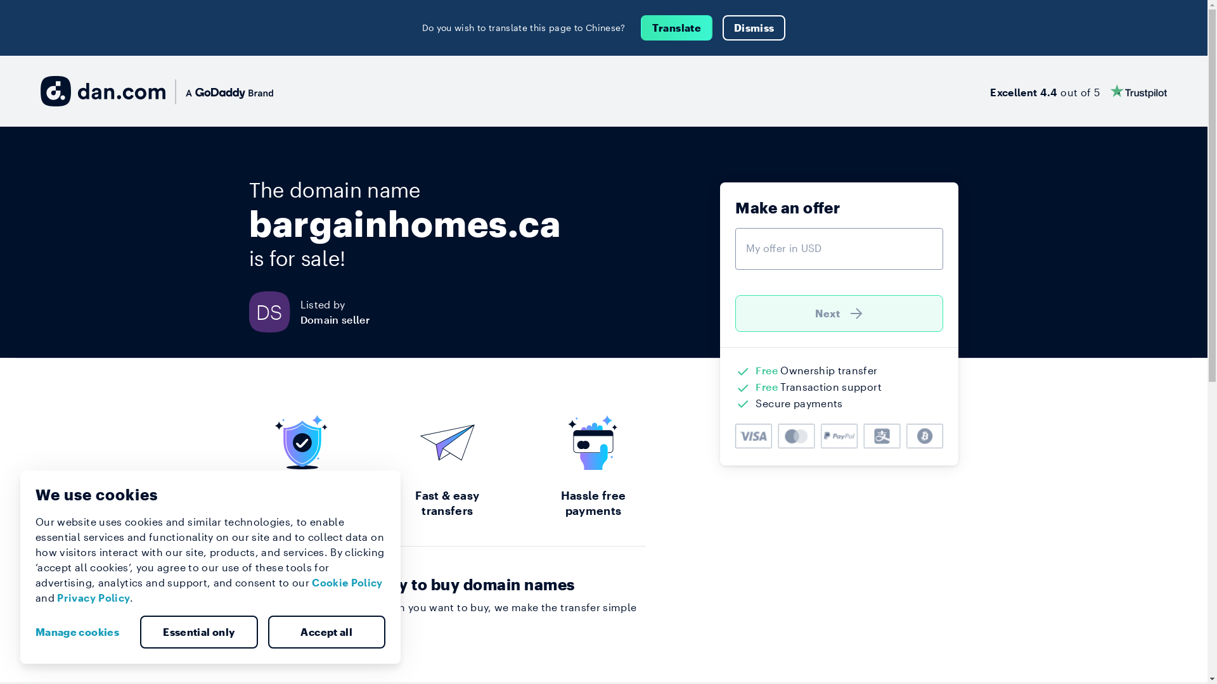 Image resolution: width=1217 pixels, height=684 pixels. What do you see at coordinates (347, 582) in the screenshot?
I see `'Cookie Policy'` at bounding box center [347, 582].